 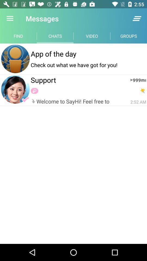 What do you see at coordinates (92, 36) in the screenshot?
I see `the video text option` at bounding box center [92, 36].